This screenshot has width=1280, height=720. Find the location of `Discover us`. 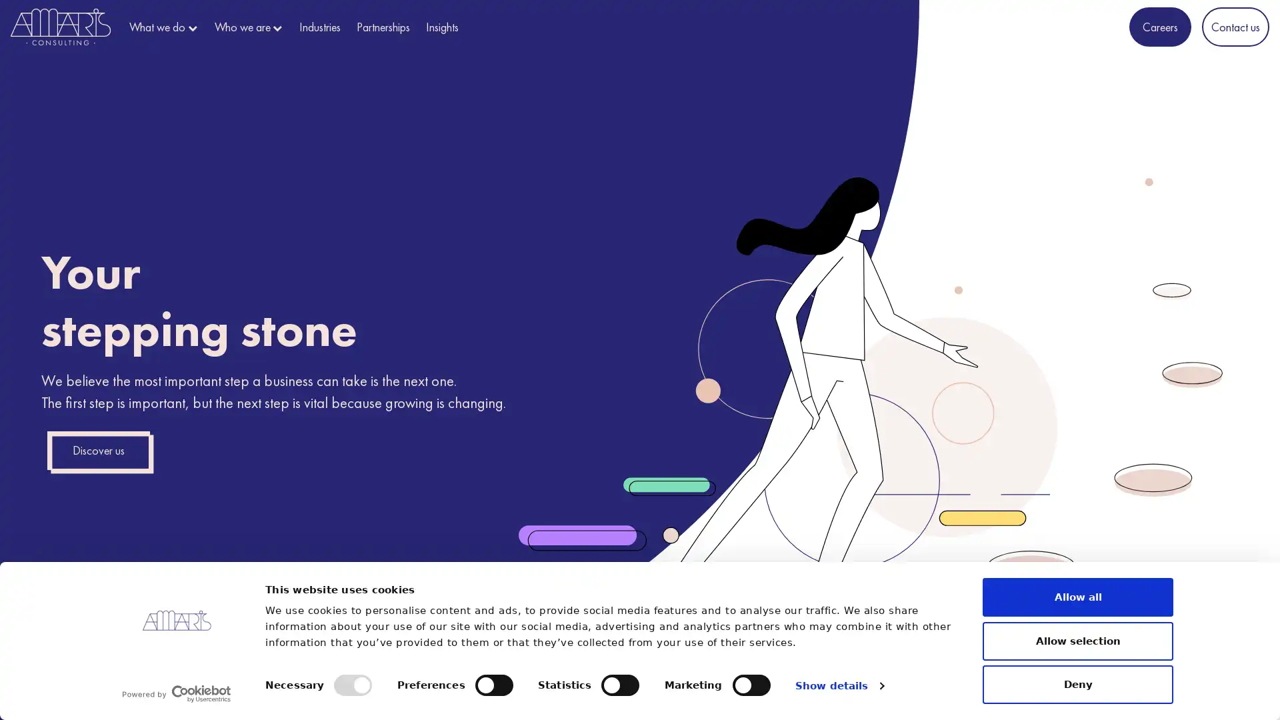

Discover us is located at coordinates (98, 450).